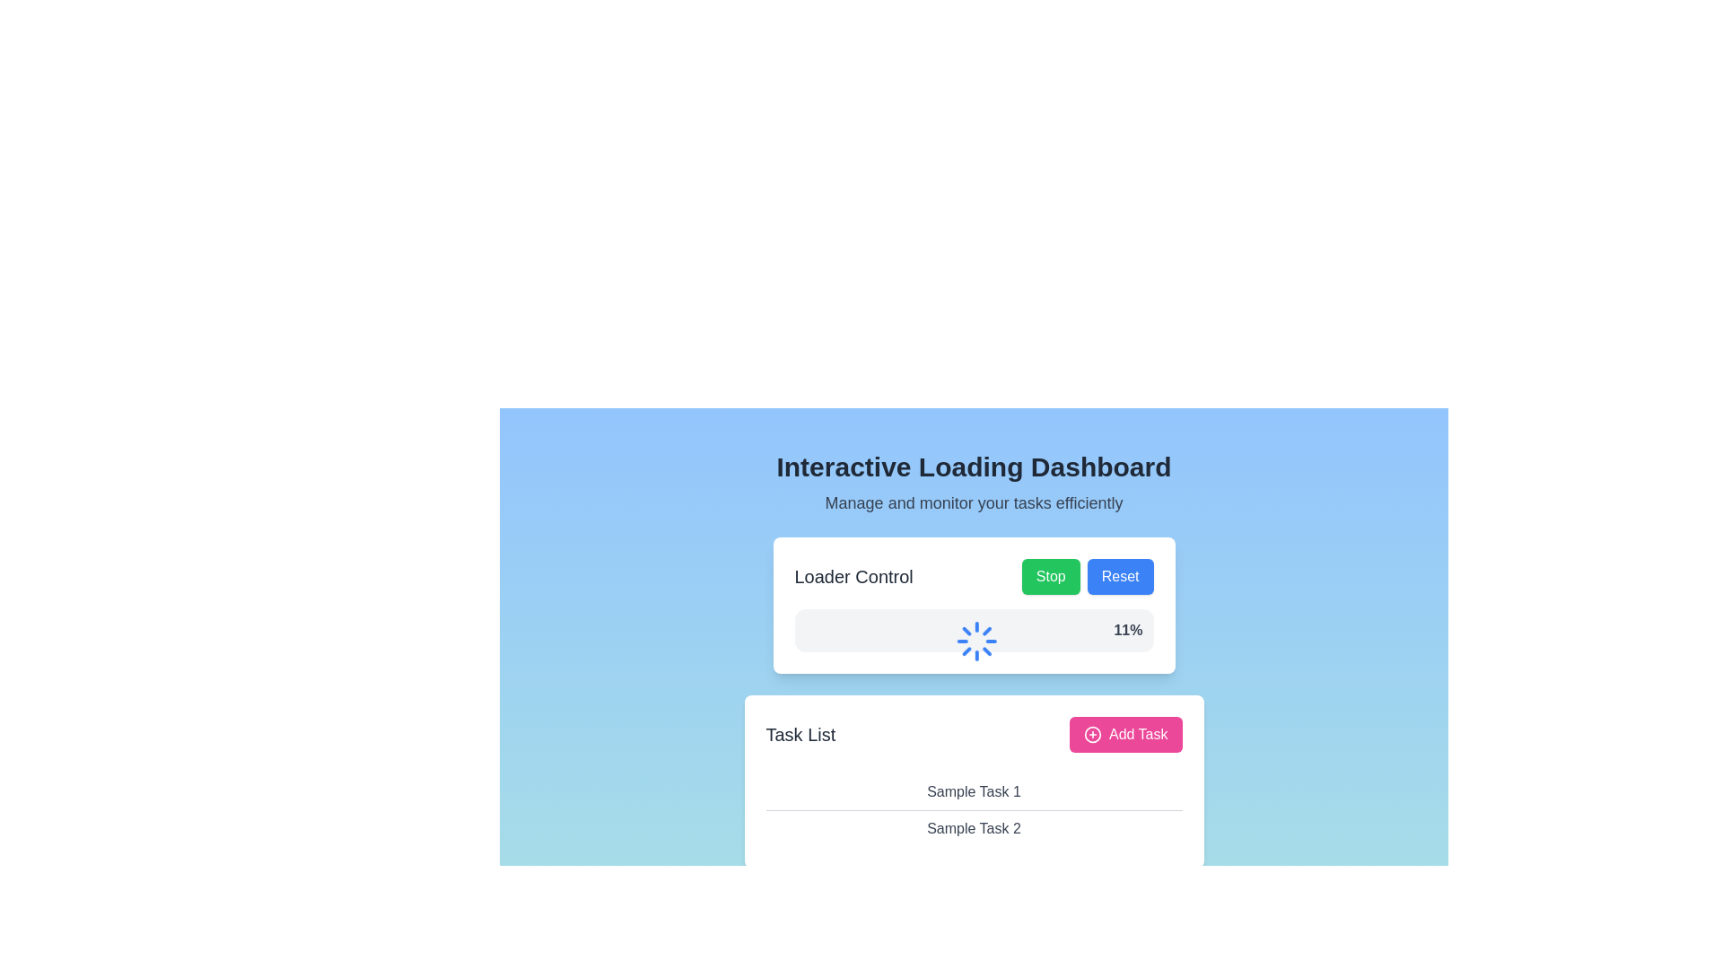  What do you see at coordinates (982, 640) in the screenshot?
I see `the Animated Loader Icon that provides visual feedback for a loading state, centrally located above a percentage value` at bounding box center [982, 640].